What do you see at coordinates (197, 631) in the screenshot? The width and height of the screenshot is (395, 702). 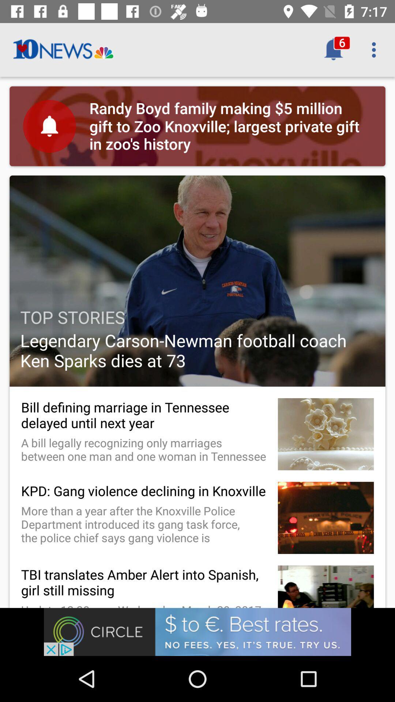 I see `advertisement page` at bounding box center [197, 631].